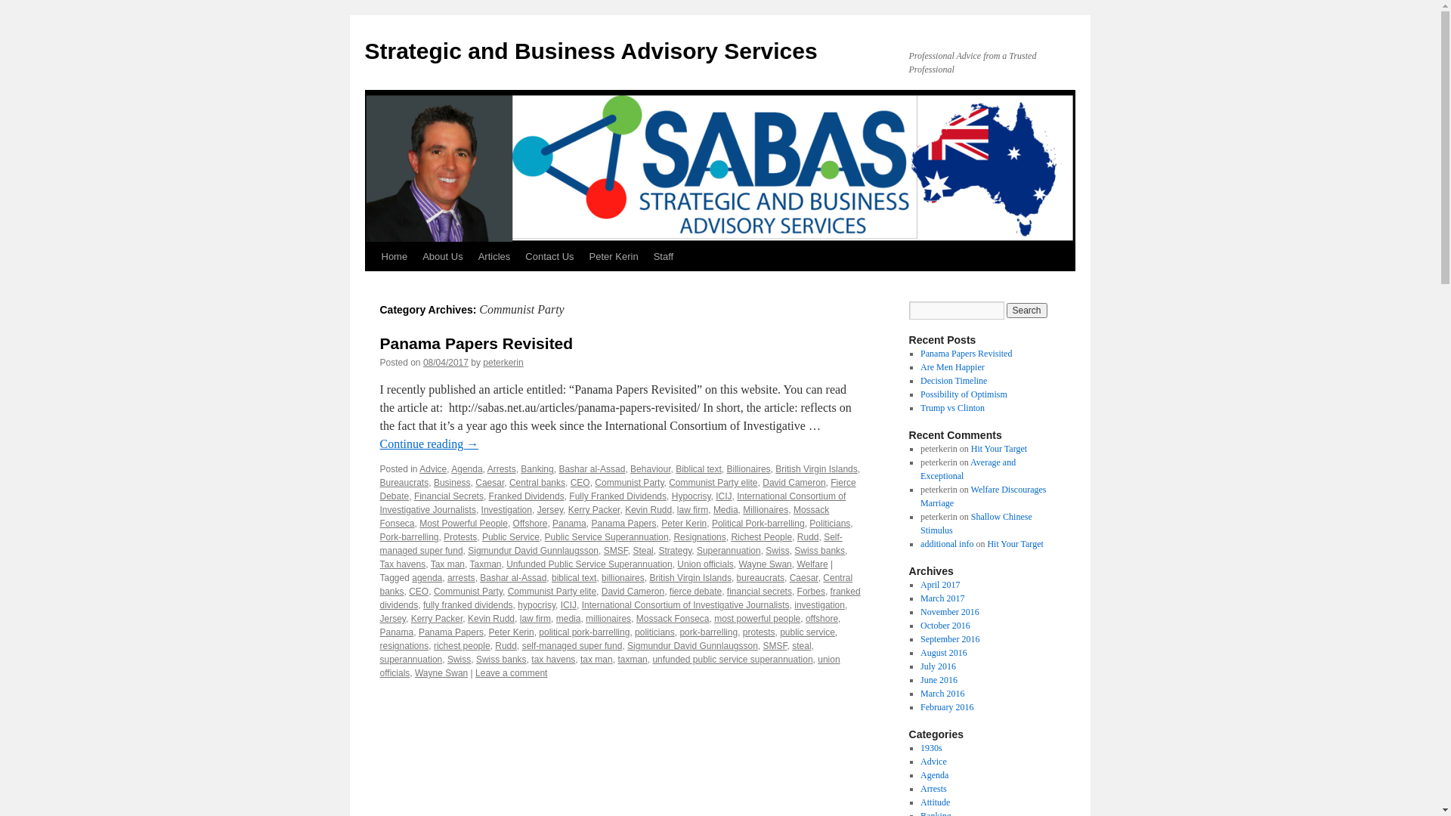 Image resolution: width=1451 pixels, height=816 pixels. Describe the element at coordinates (963, 393) in the screenshot. I see `'Possibility of Optimism'` at that location.